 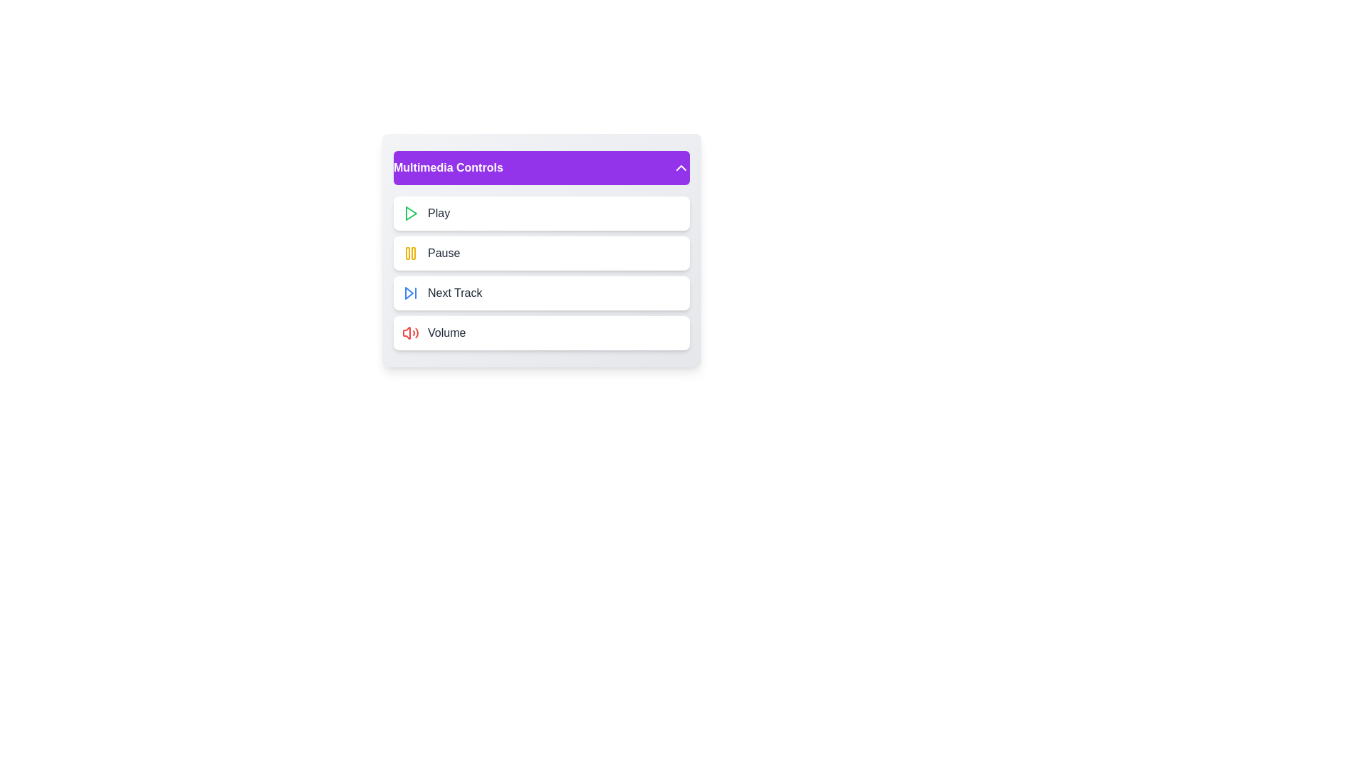 I want to click on the 'Pause' icon in the multimedia controls, which is located in the second row of control options and is visually represented as a recognizable symbol for halting playback, so click(x=409, y=252).